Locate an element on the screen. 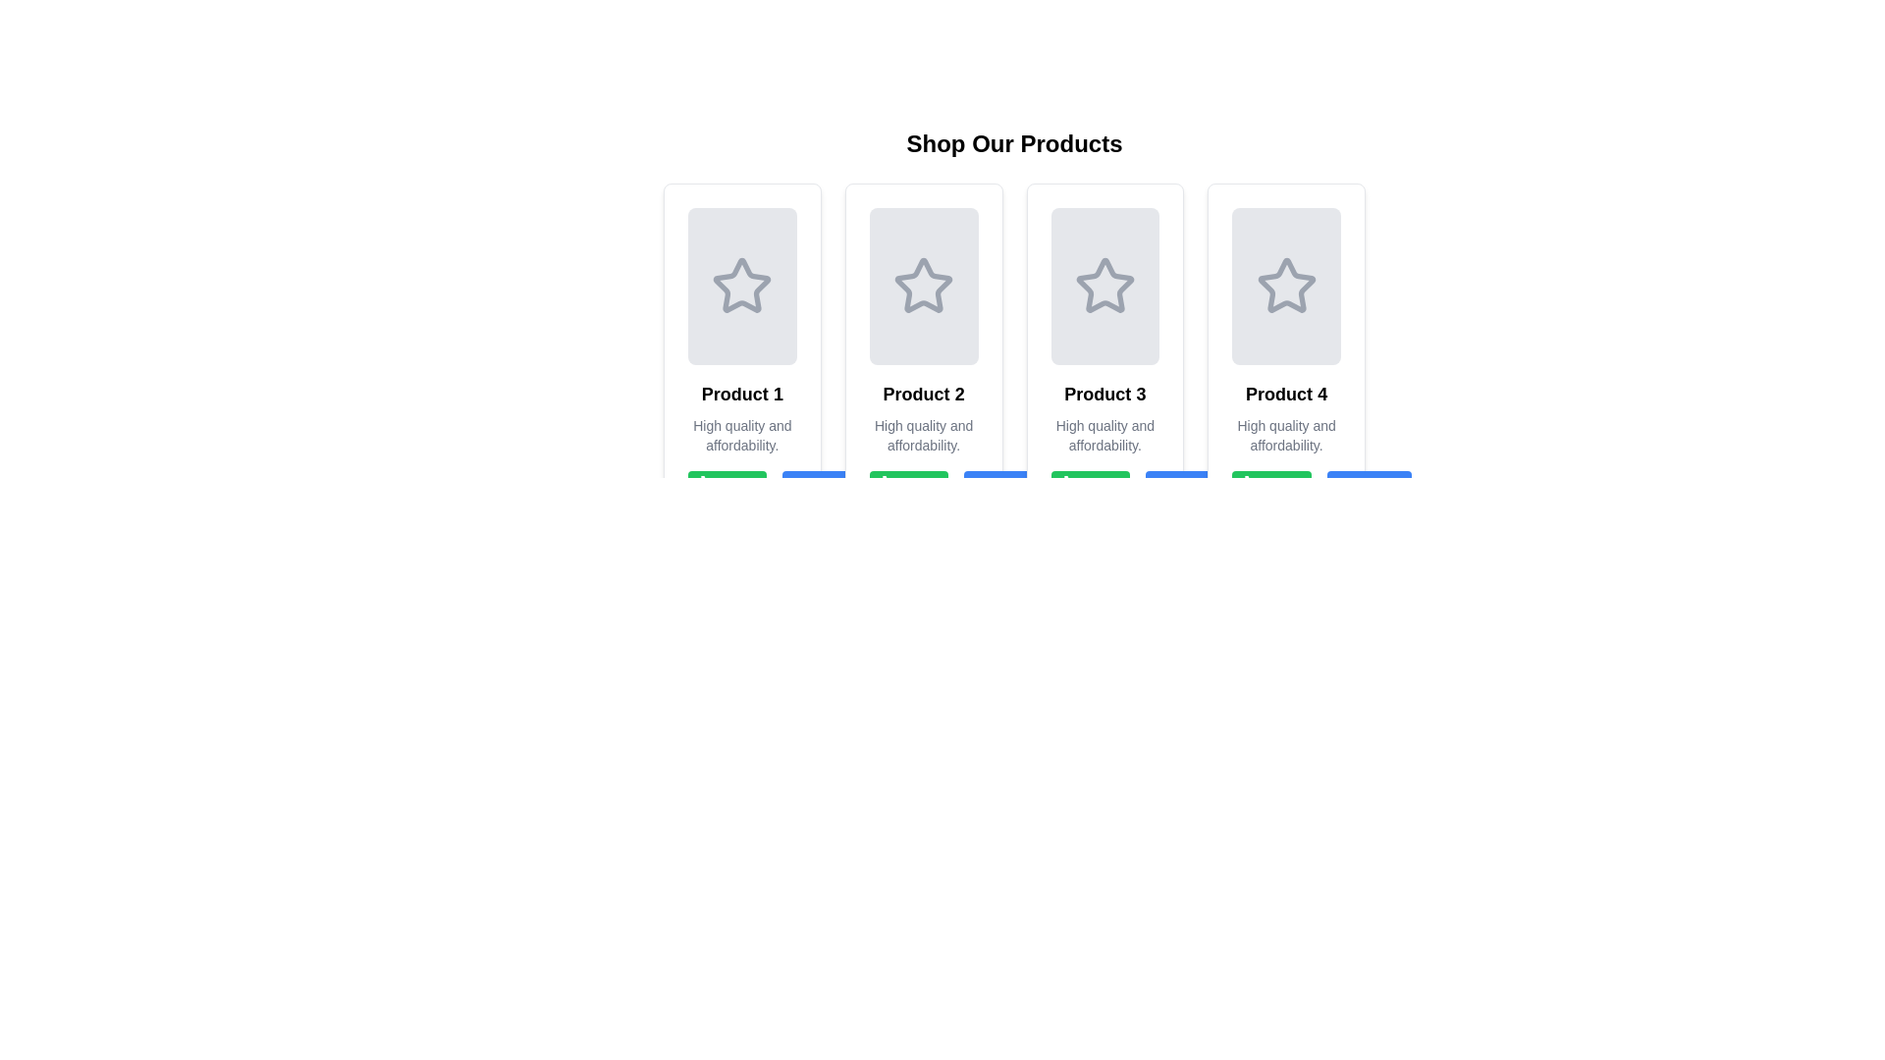 The height and width of the screenshot is (1060, 1885). the 'View' button in the group of buttons located at the bottom of the 'Product 3' card is located at coordinates (1104, 486).